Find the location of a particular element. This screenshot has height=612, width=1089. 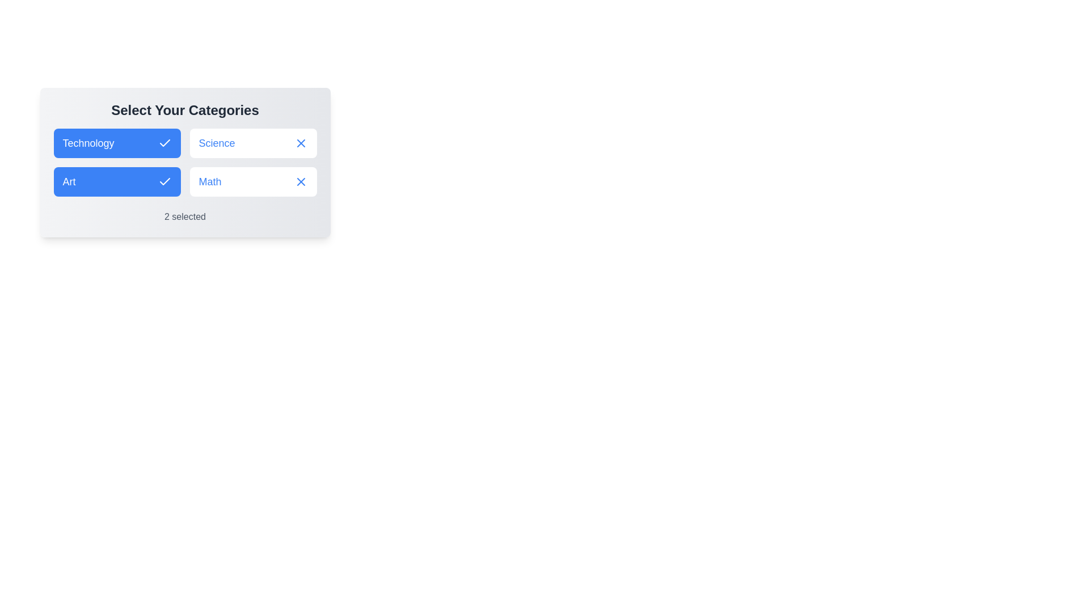

the chip labeled Science is located at coordinates (252, 143).